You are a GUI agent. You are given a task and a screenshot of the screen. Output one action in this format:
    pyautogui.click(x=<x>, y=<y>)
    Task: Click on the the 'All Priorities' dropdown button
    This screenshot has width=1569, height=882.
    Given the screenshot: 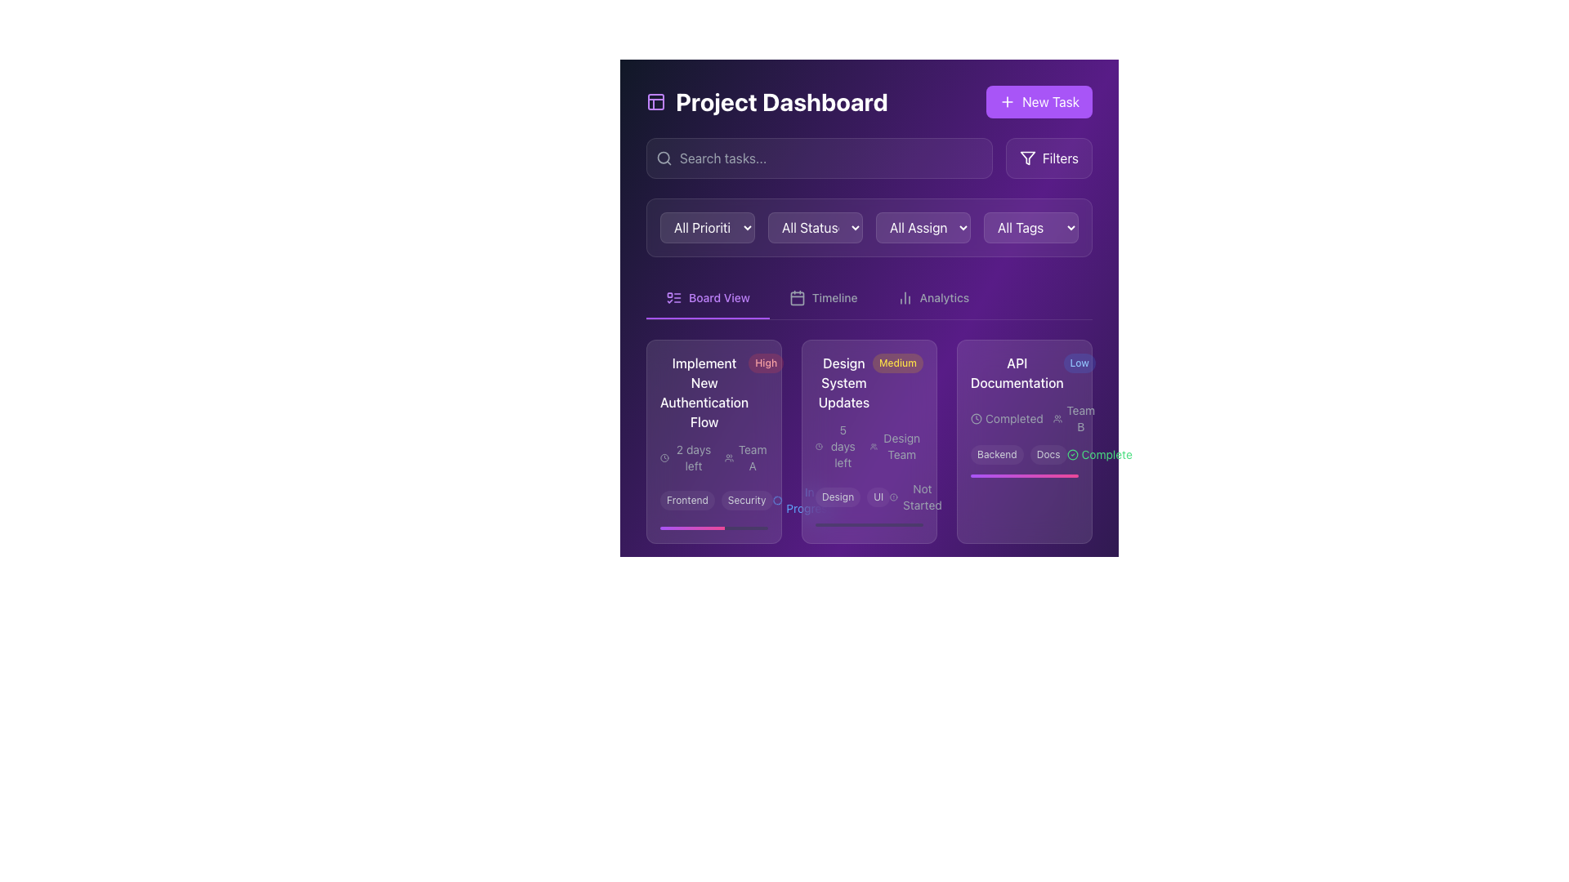 What is the action you would take?
    pyautogui.click(x=707, y=227)
    